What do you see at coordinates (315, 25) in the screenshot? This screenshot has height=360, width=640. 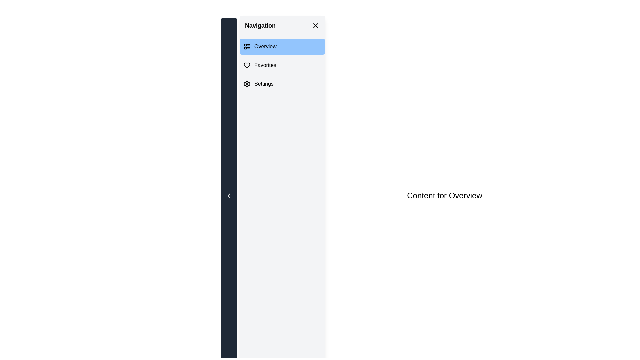 I see `the small square button with an 'X' symbol in its center, located at the top-right corner of the navigation panel` at bounding box center [315, 25].